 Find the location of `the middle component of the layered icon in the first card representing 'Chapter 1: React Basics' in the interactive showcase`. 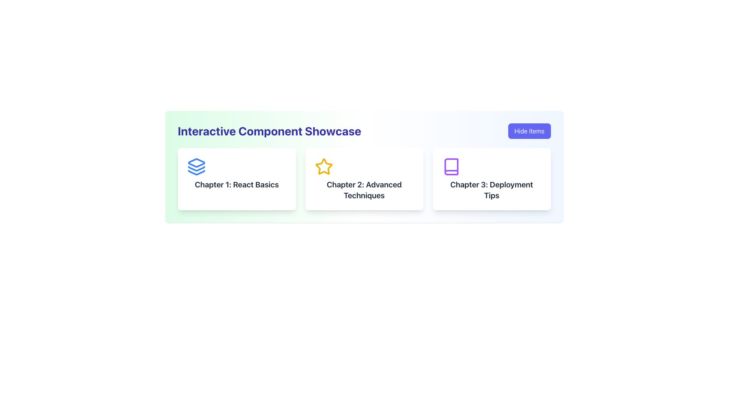

the middle component of the layered icon in the first card representing 'Chapter 1: React Basics' in the interactive showcase is located at coordinates (196, 168).